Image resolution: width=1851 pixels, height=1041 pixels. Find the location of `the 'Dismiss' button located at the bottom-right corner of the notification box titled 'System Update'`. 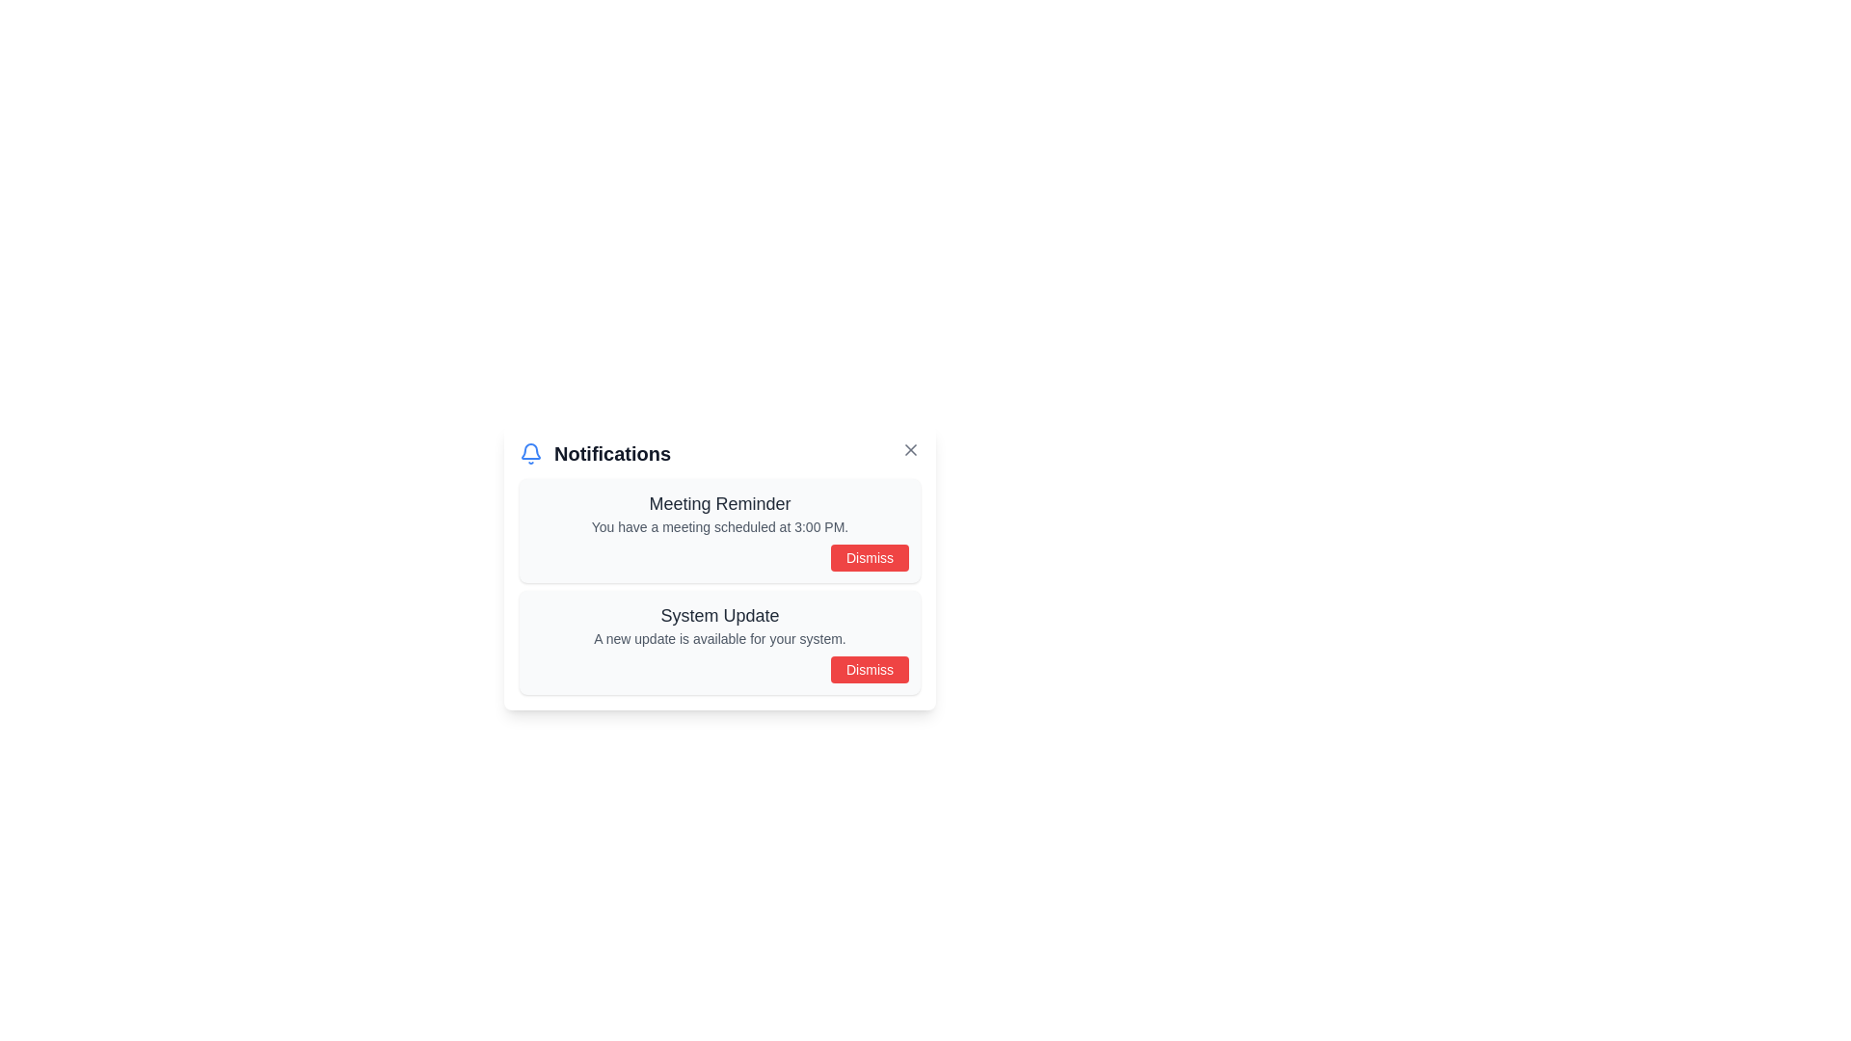

the 'Dismiss' button located at the bottom-right corner of the notification box titled 'System Update' is located at coordinates (869, 668).